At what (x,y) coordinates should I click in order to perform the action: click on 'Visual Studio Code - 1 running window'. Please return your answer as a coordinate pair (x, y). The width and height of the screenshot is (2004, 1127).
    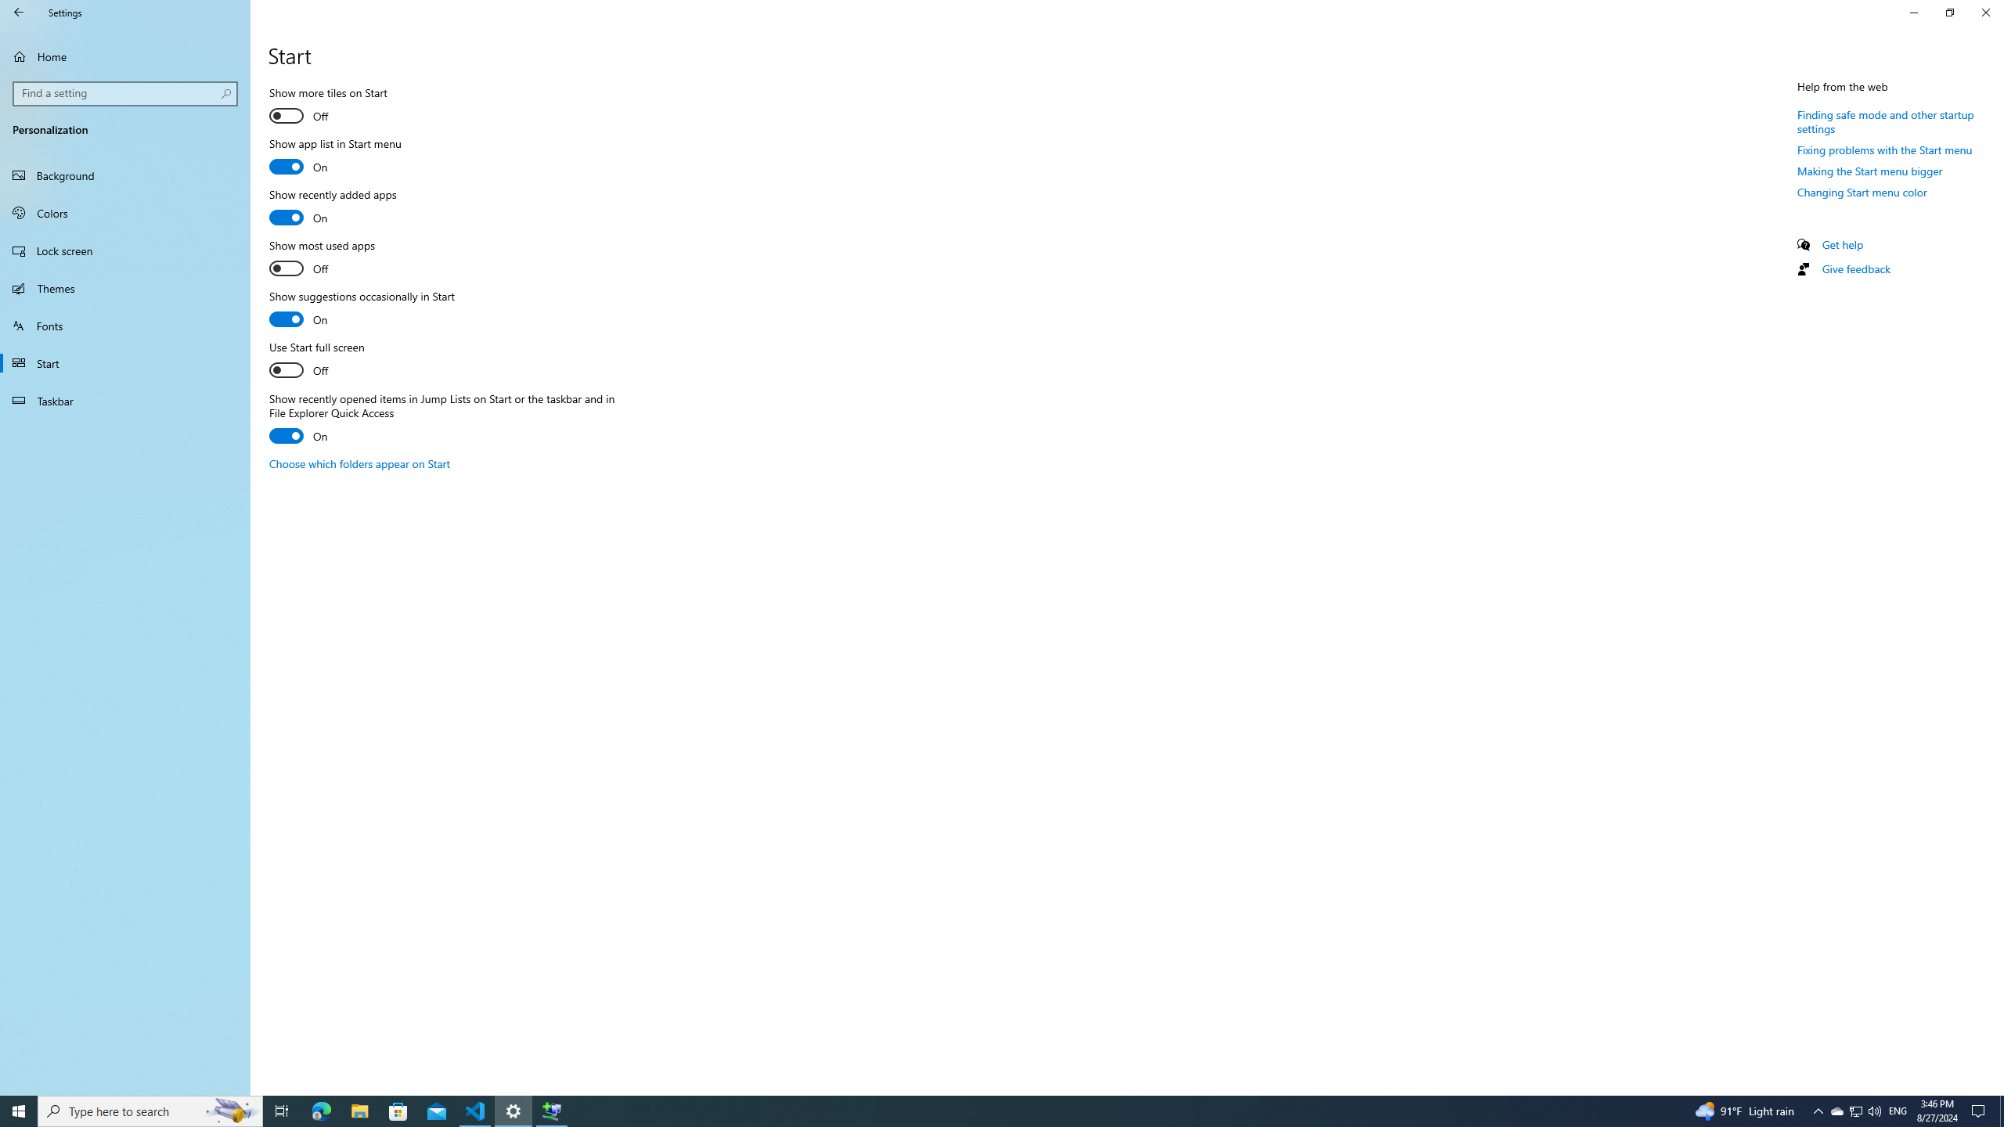
    Looking at the image, I should click on (475, 1110).